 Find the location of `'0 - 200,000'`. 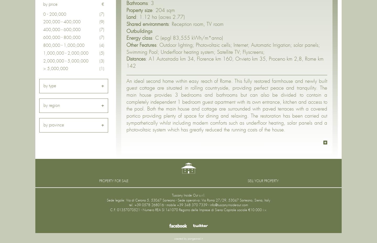

'0 - 200,000' is located at coordinates (54, 14).